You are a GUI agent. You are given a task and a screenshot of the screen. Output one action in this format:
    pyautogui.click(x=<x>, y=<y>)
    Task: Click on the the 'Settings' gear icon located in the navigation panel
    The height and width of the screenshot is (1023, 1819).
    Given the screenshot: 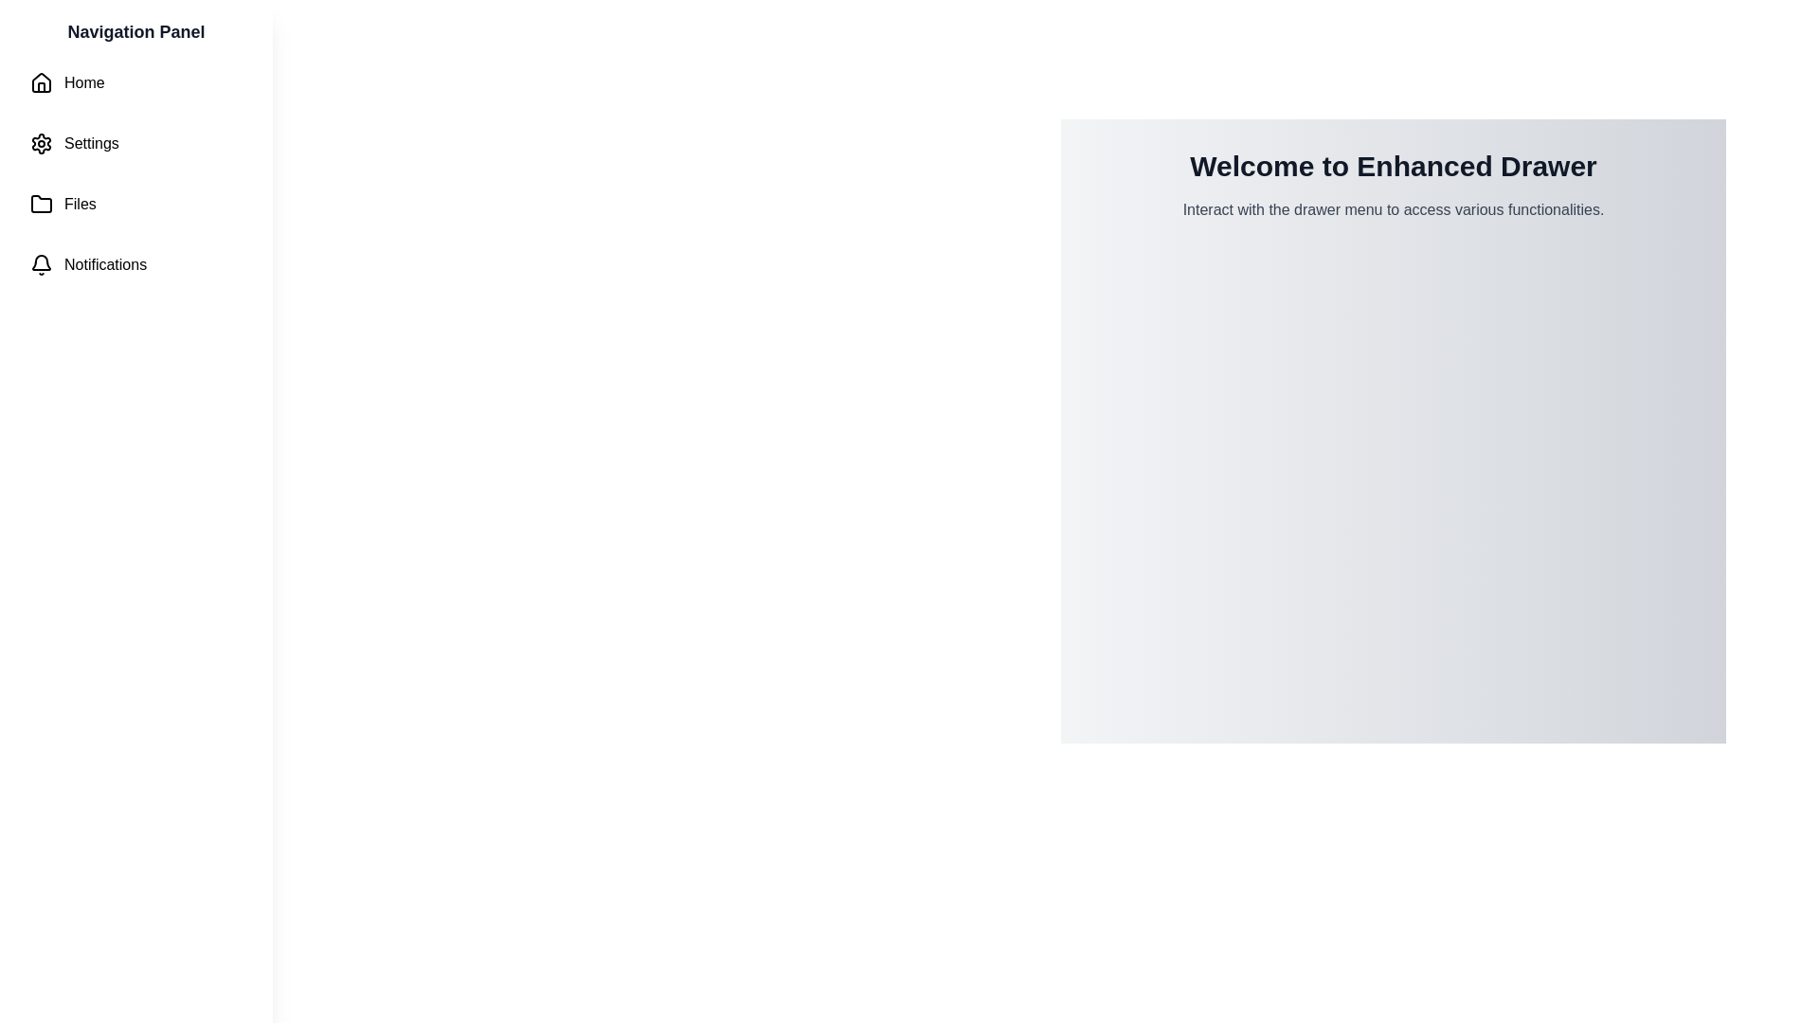 What is the action you would take?
    pyautogui.click(x=41, y=142)
    